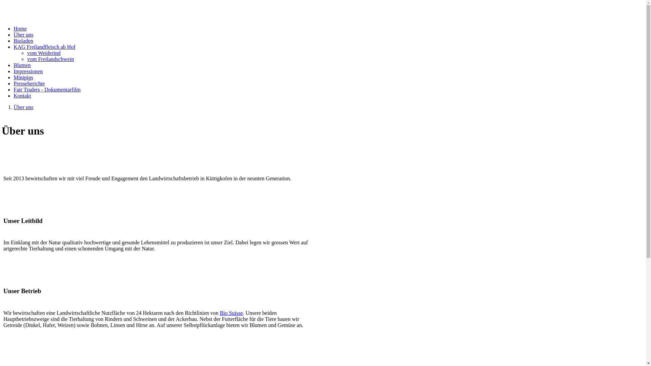 The image size is (651, 366). What do you see at coordinates (13, 77) in the screenshot?
I see `'Minipigs'` at bounding box center [13, 77].